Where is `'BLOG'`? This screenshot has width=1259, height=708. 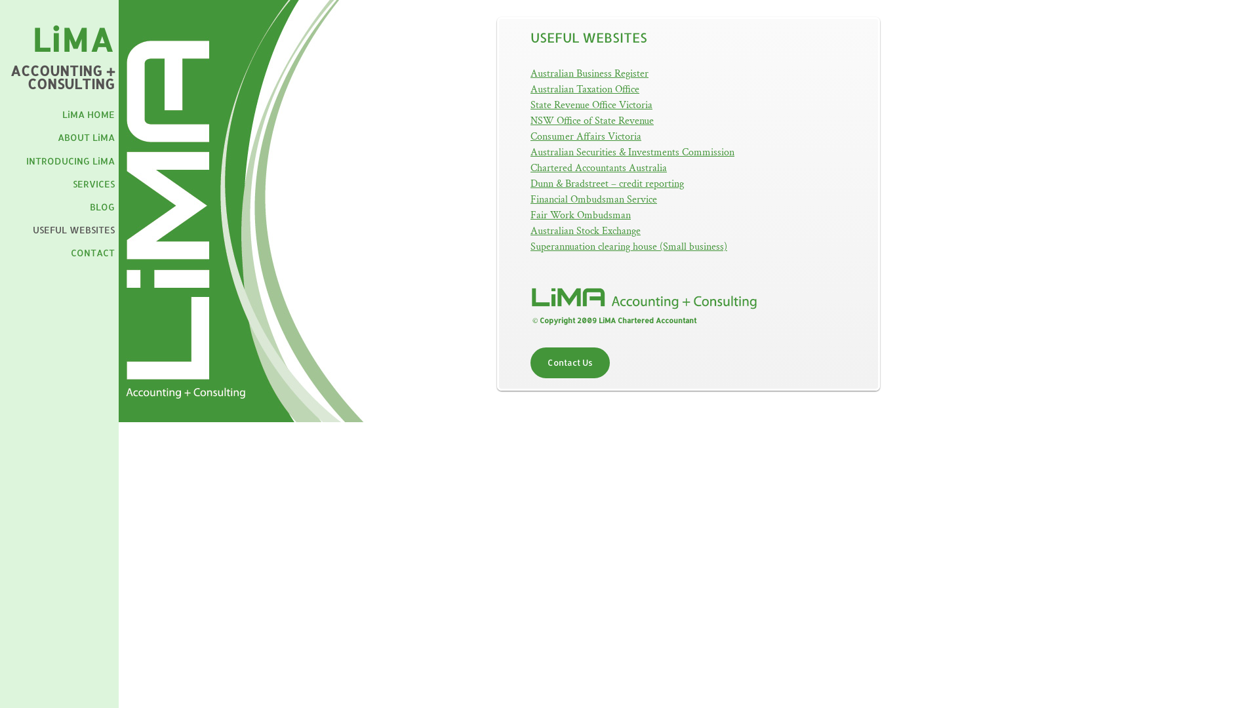 'BLOG' is located at coordinates (101, 206).